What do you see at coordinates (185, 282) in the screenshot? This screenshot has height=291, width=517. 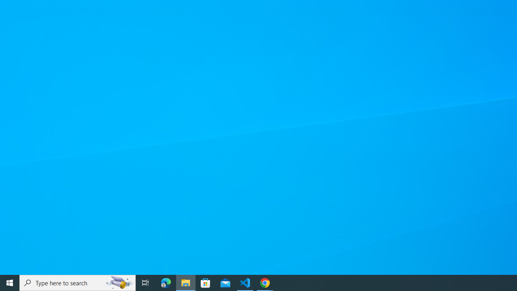 I see `'File Explorer - 1 running window'` at bounding box center [185, 282].